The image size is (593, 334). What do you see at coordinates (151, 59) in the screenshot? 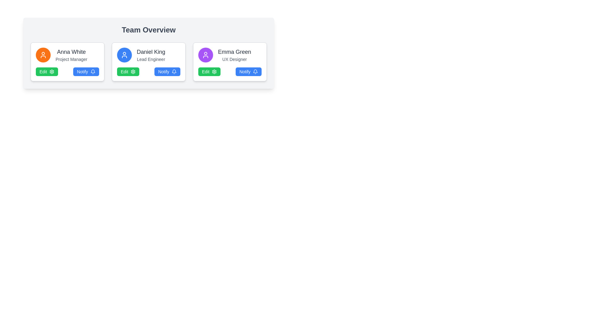
I see `the text label displaying 'Lead Engineer' located beneath 'Daniel King' in the second team member card` at bounding box center [151, 59].